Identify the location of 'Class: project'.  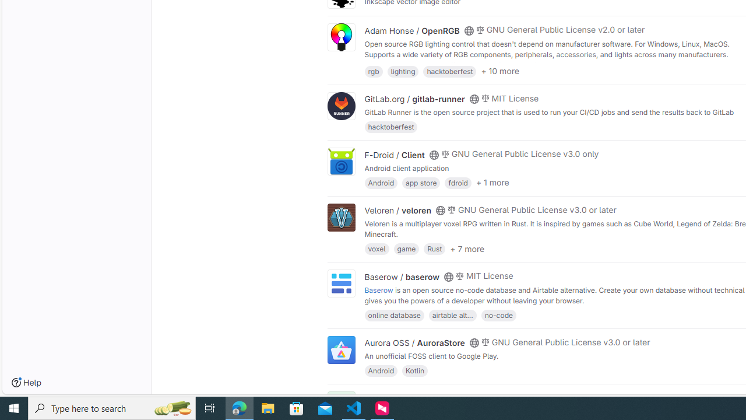
(340, 349).